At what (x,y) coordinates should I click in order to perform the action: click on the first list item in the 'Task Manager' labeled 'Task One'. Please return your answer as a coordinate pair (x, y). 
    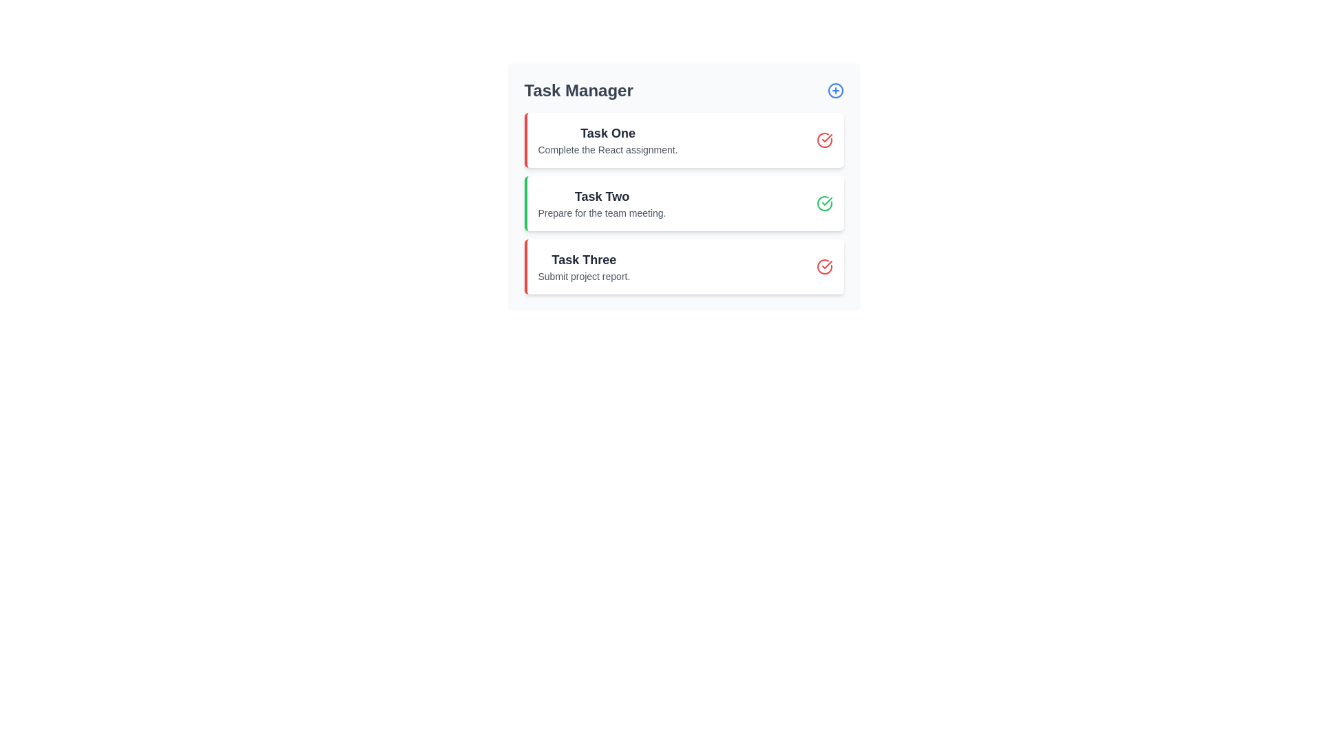
    Looking at the image, I should click on (607, 140).